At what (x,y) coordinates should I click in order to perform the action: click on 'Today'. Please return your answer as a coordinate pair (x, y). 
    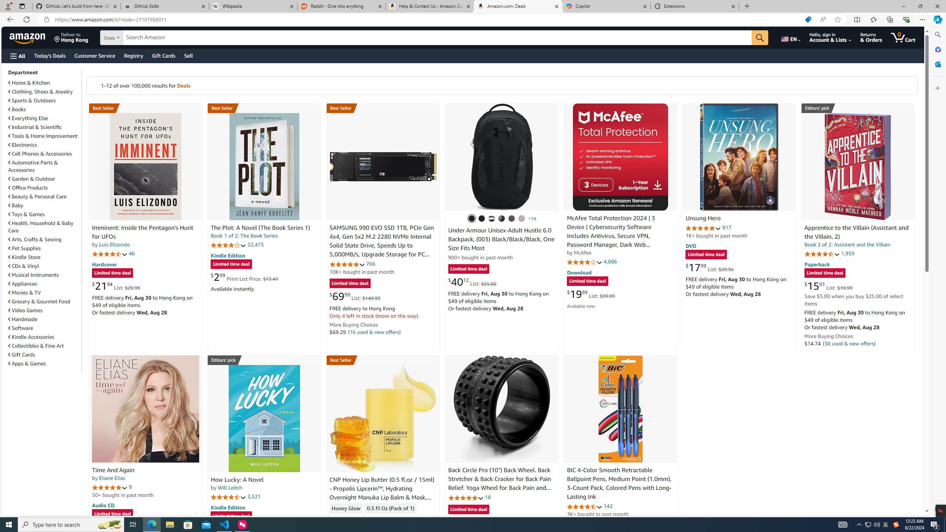
    Looking at the image, I should click on (50, 55).